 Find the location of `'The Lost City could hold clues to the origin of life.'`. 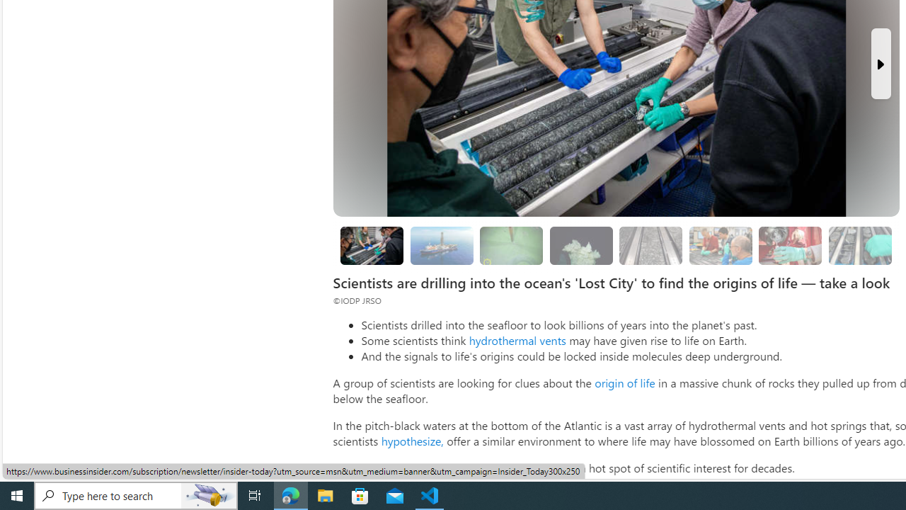

'The Lost City could hold clues to the origin of life.' is located at coordinates (581, 244).